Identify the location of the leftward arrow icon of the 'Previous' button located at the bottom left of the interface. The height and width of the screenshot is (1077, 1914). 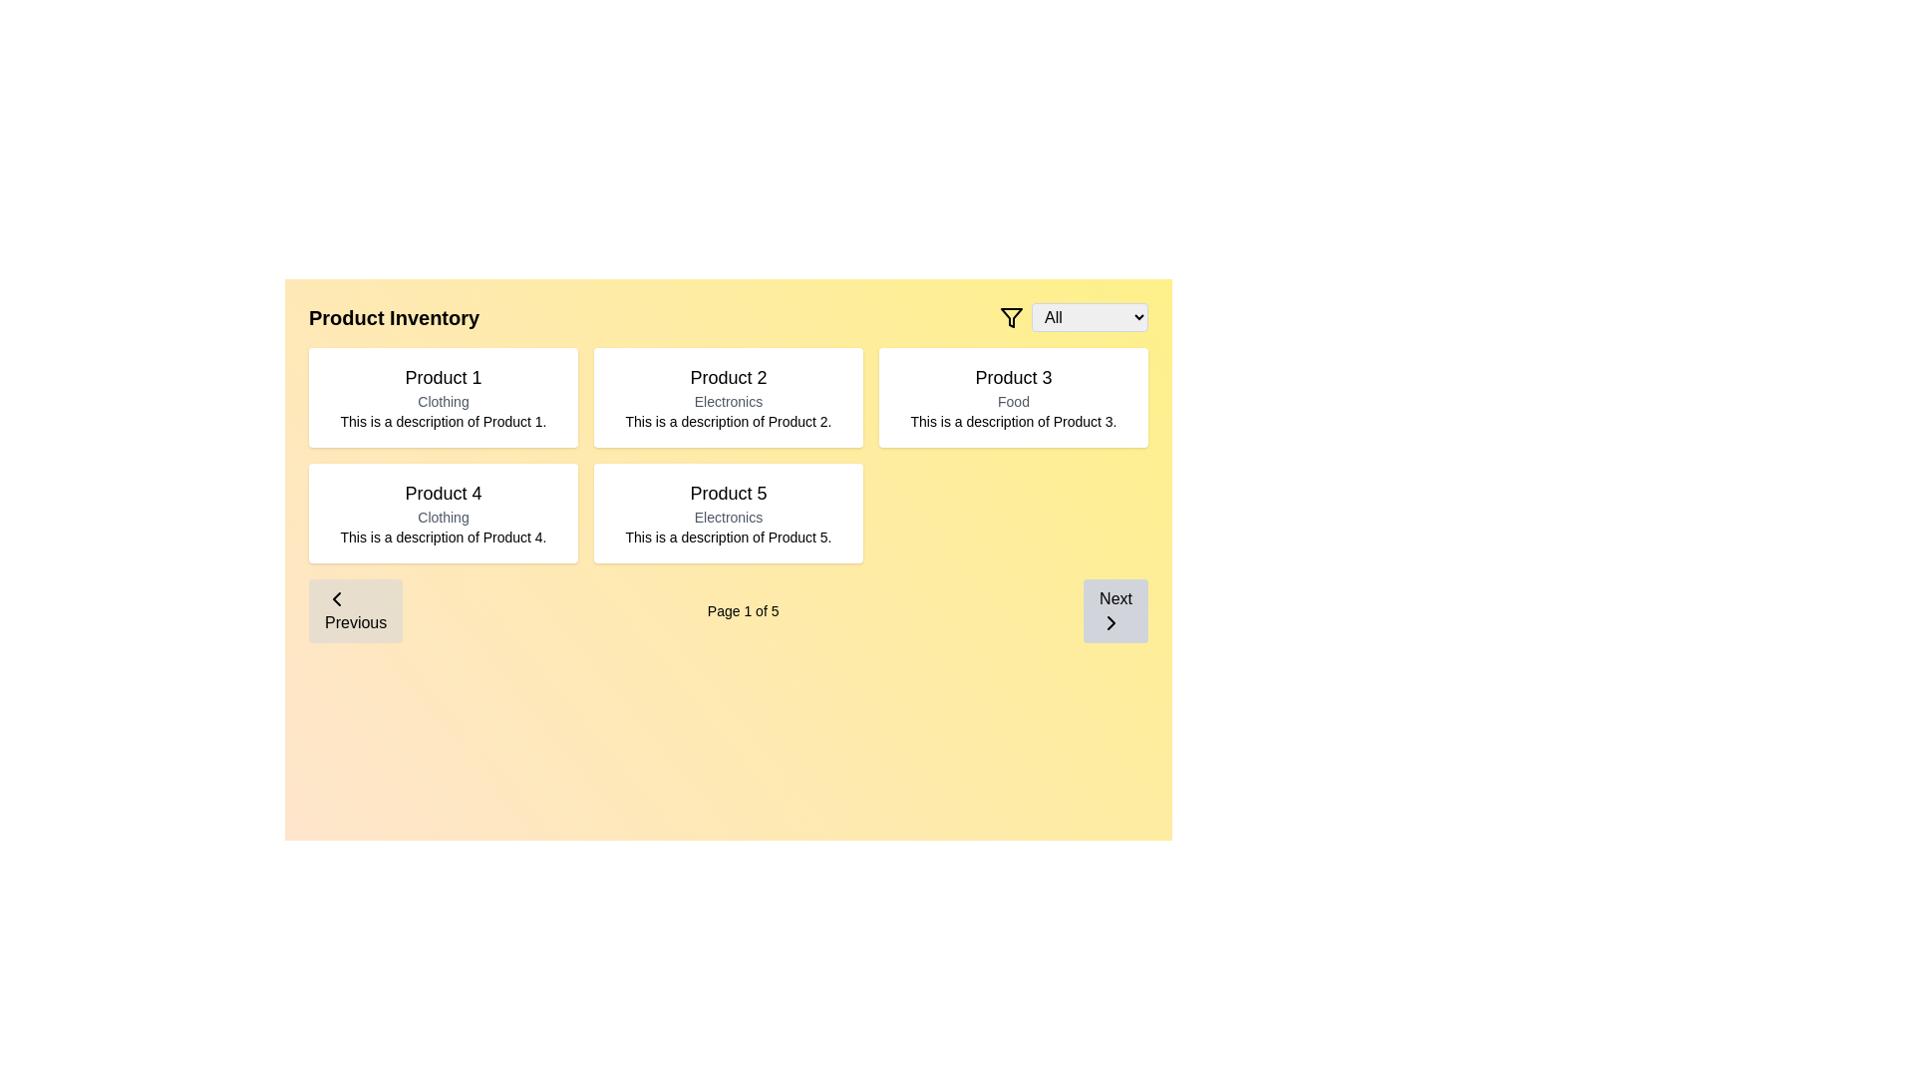
(336, 598).